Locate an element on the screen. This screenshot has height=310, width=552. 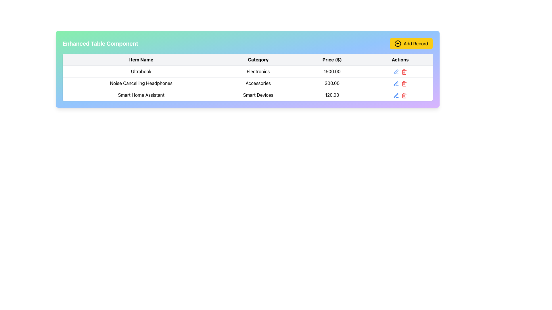
the edit icon button located in the top-right segment of the first row in the 'Actions' column is located at coordinates (396, 71).